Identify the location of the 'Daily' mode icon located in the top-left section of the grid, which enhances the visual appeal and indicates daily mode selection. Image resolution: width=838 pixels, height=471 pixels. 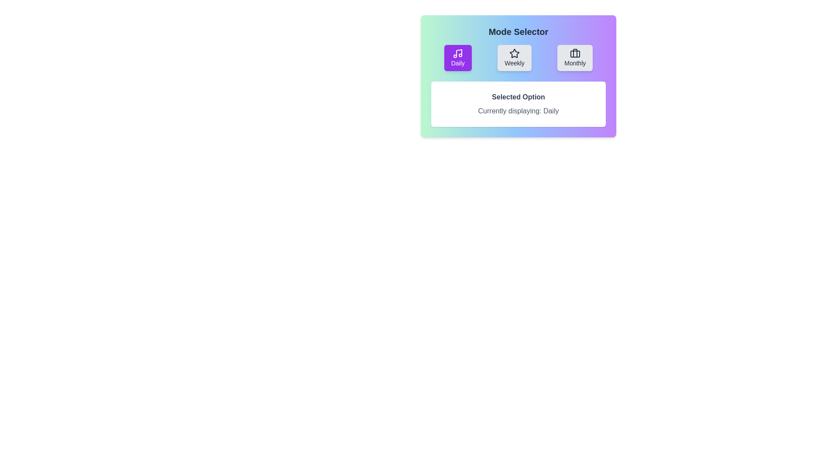
(457, 54).